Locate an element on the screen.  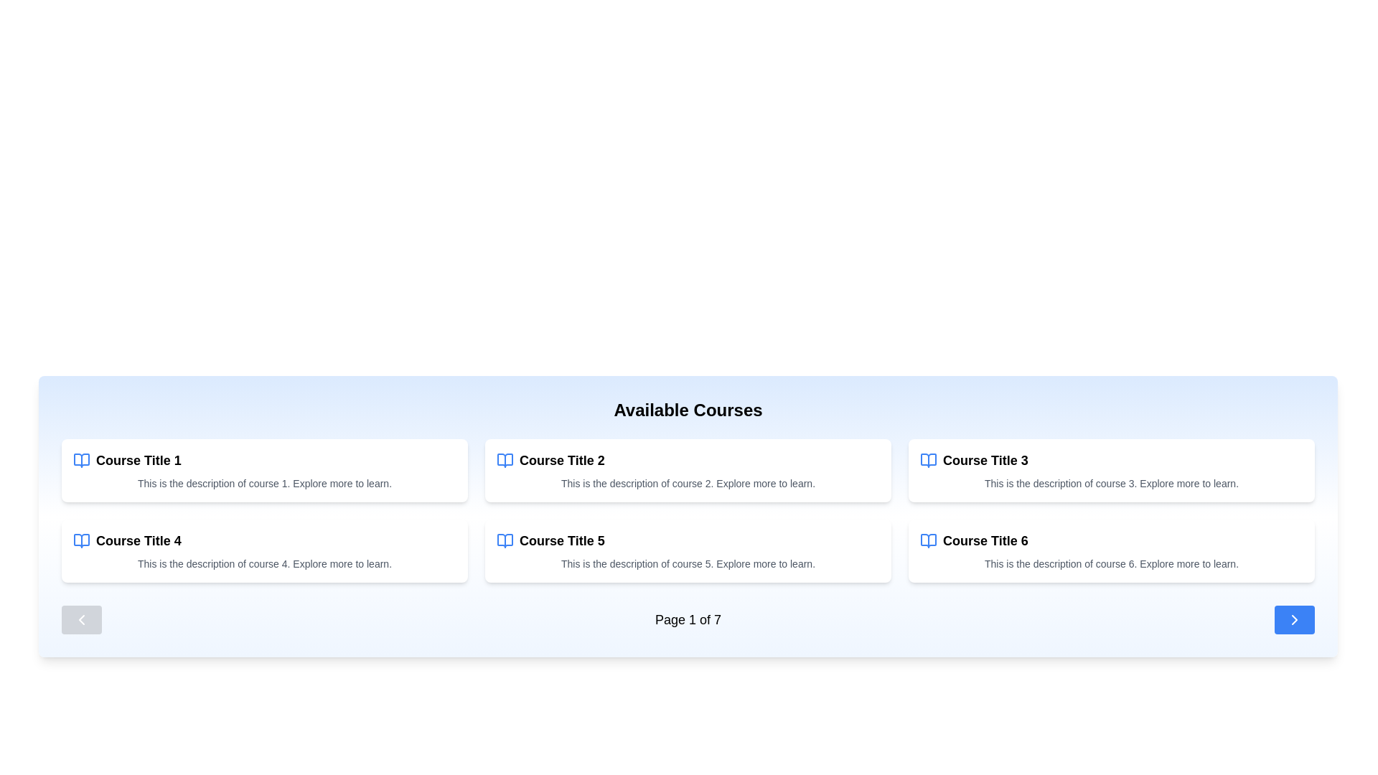
the blue open book icon located to the left of the course title text 'Course Title 3' within the third course card is located at coordinates (929, 460).